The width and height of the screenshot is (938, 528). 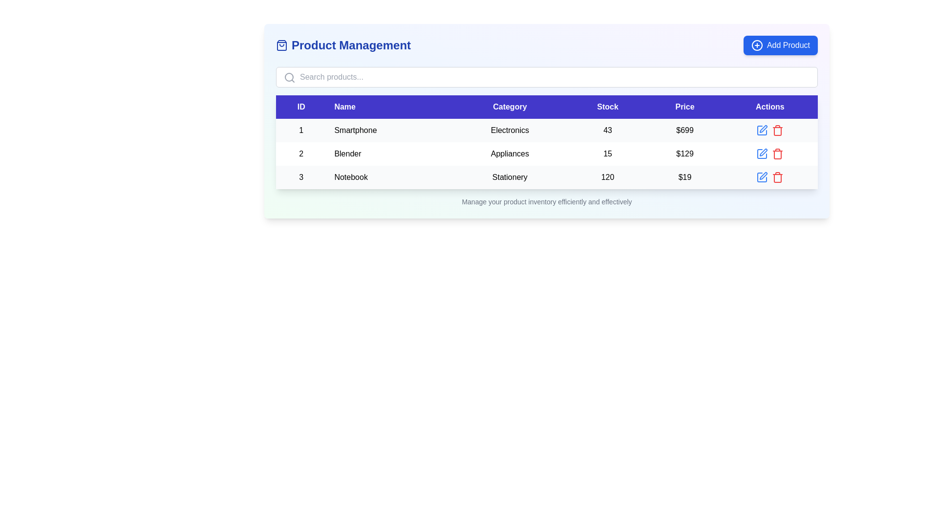 I want to click on the Text Display indicating the stock count of the product 'Smartphone', so click(x=607, y=130).